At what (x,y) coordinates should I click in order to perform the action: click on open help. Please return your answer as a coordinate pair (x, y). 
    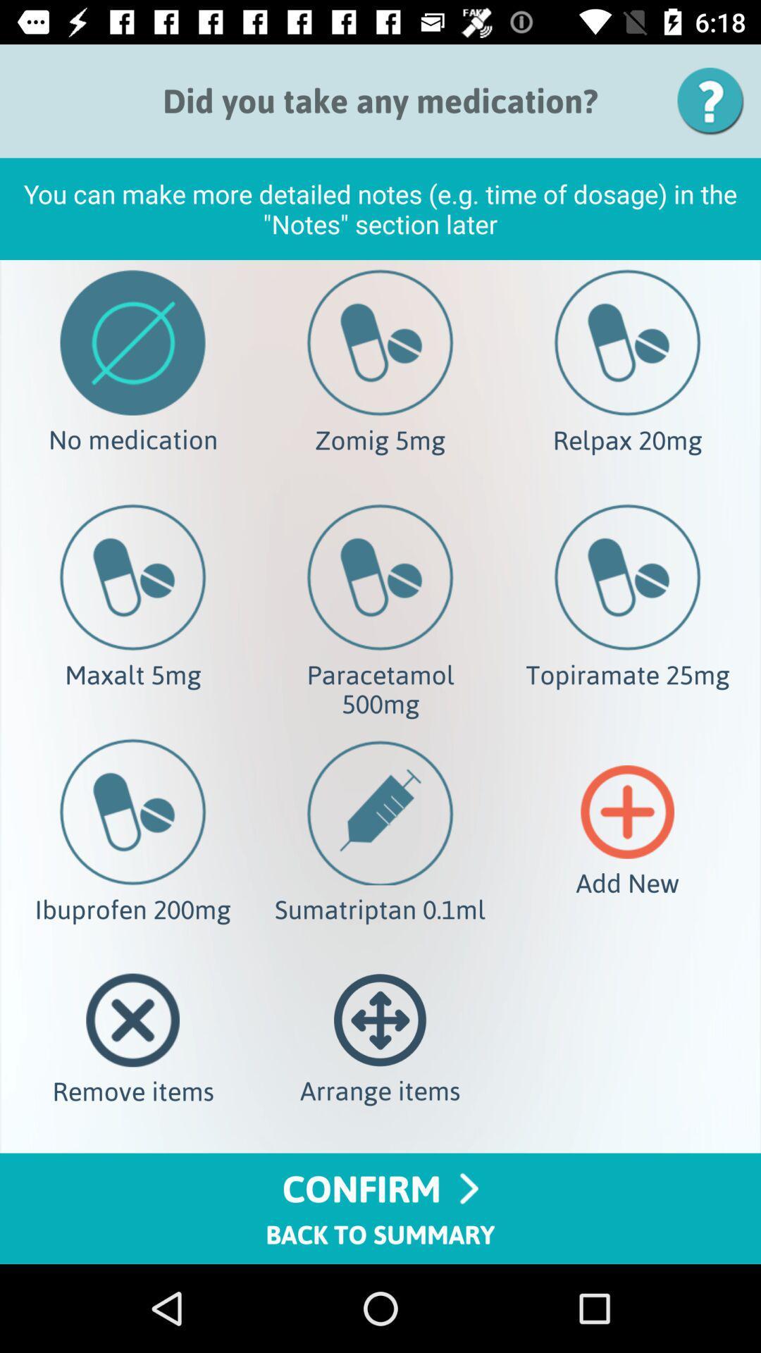
    Looking at the image, I should click on (715, 100).